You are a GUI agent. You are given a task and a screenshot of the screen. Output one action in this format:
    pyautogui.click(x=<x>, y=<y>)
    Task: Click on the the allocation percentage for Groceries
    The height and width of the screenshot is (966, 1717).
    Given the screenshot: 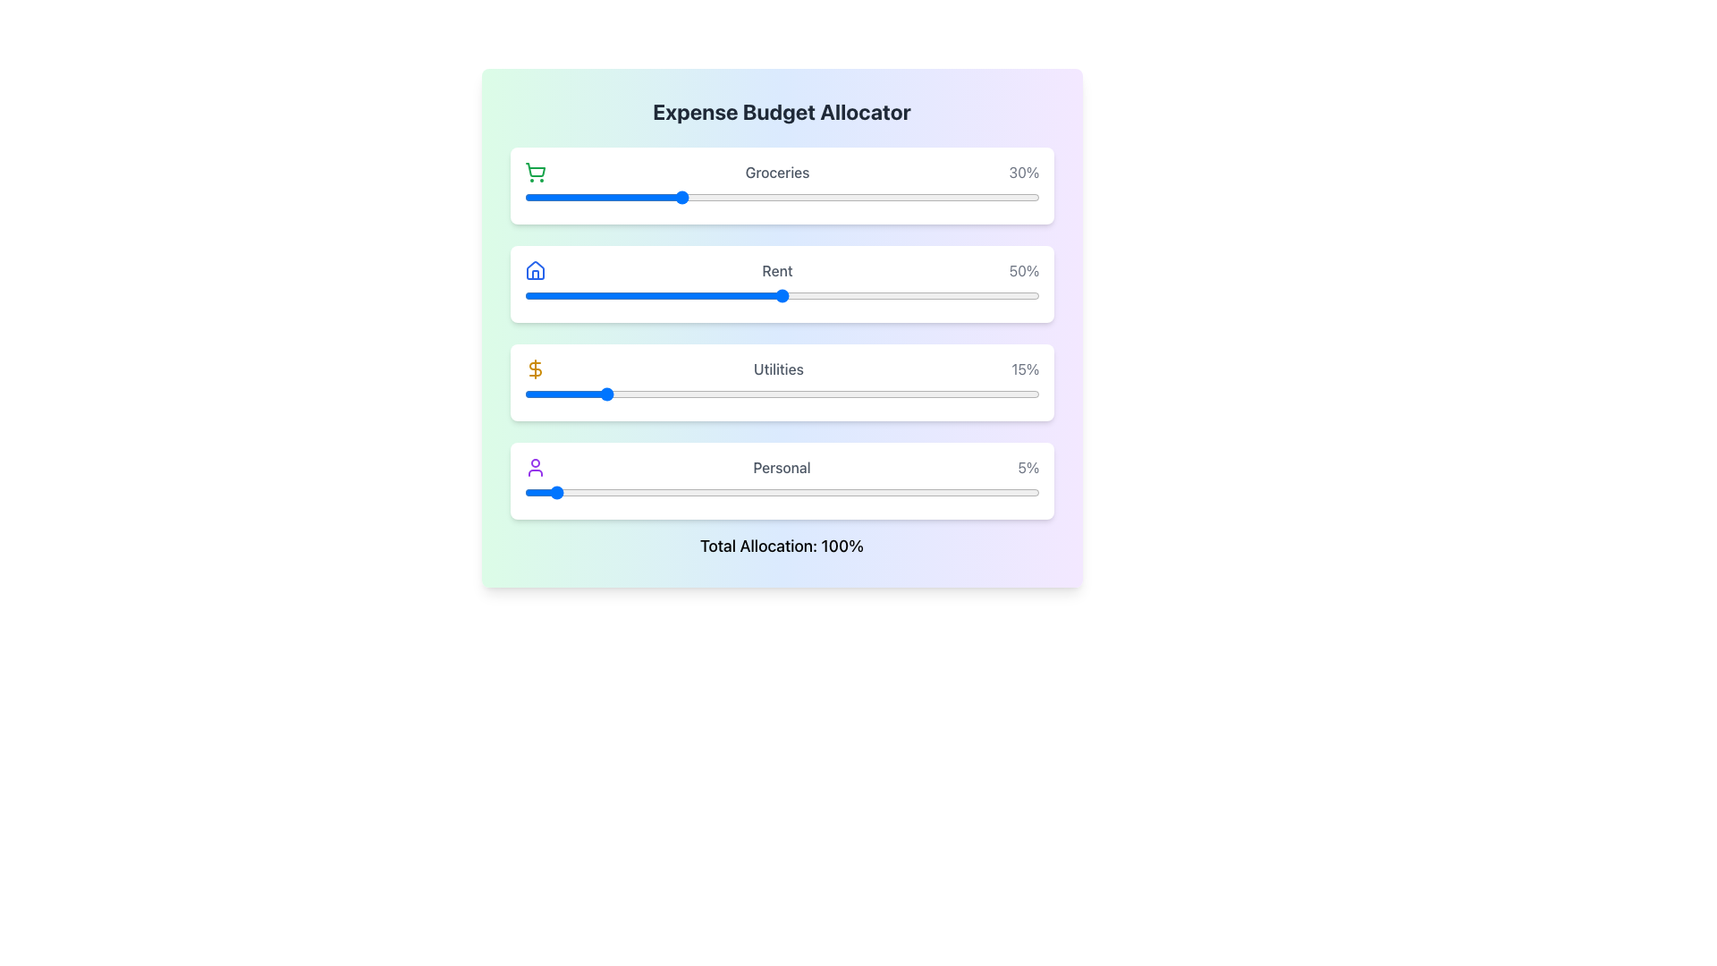 What is the action you would take?
    pyautogui.click(x=683, y=197)
    